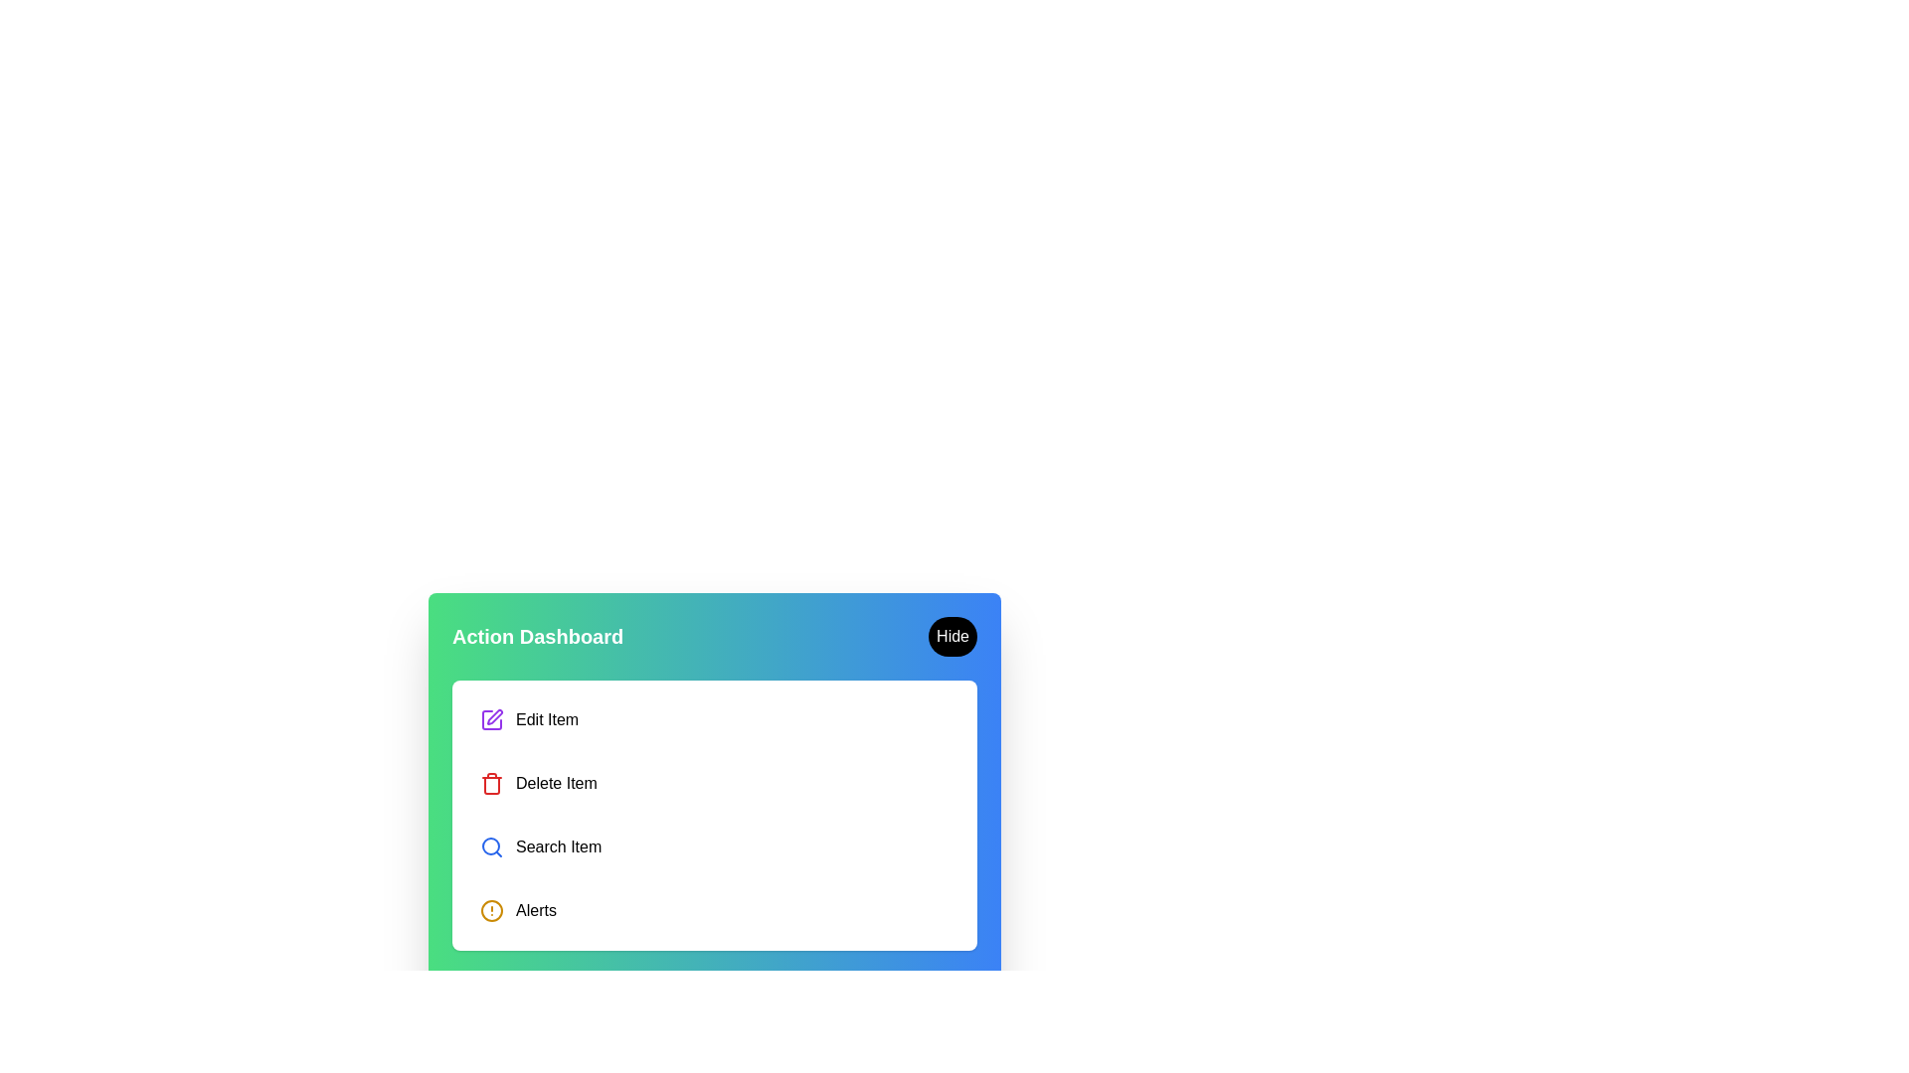 This screenshot has width=1909, height=1073. What do you see at coordinates (715, 783) in the screenshot?
I see `the second item in the vertical list of action options, which serves as a selectable action to delete an item` at bounding box center [715, 783].